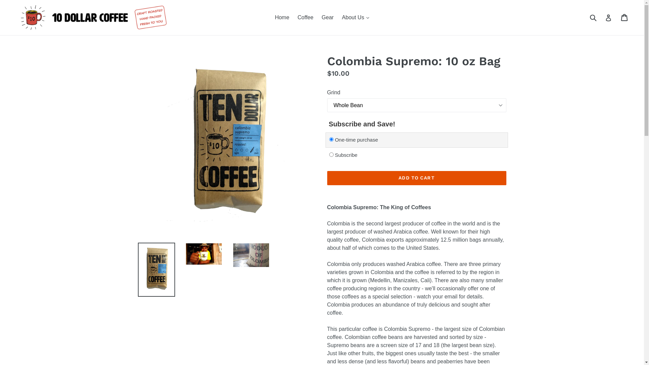 The width and height of the screenshot is (649, 365). What do you see at coordinates (416, 178) in the screenshot?
I see `'ADD TO CART'` at bounding box center [416, 178].